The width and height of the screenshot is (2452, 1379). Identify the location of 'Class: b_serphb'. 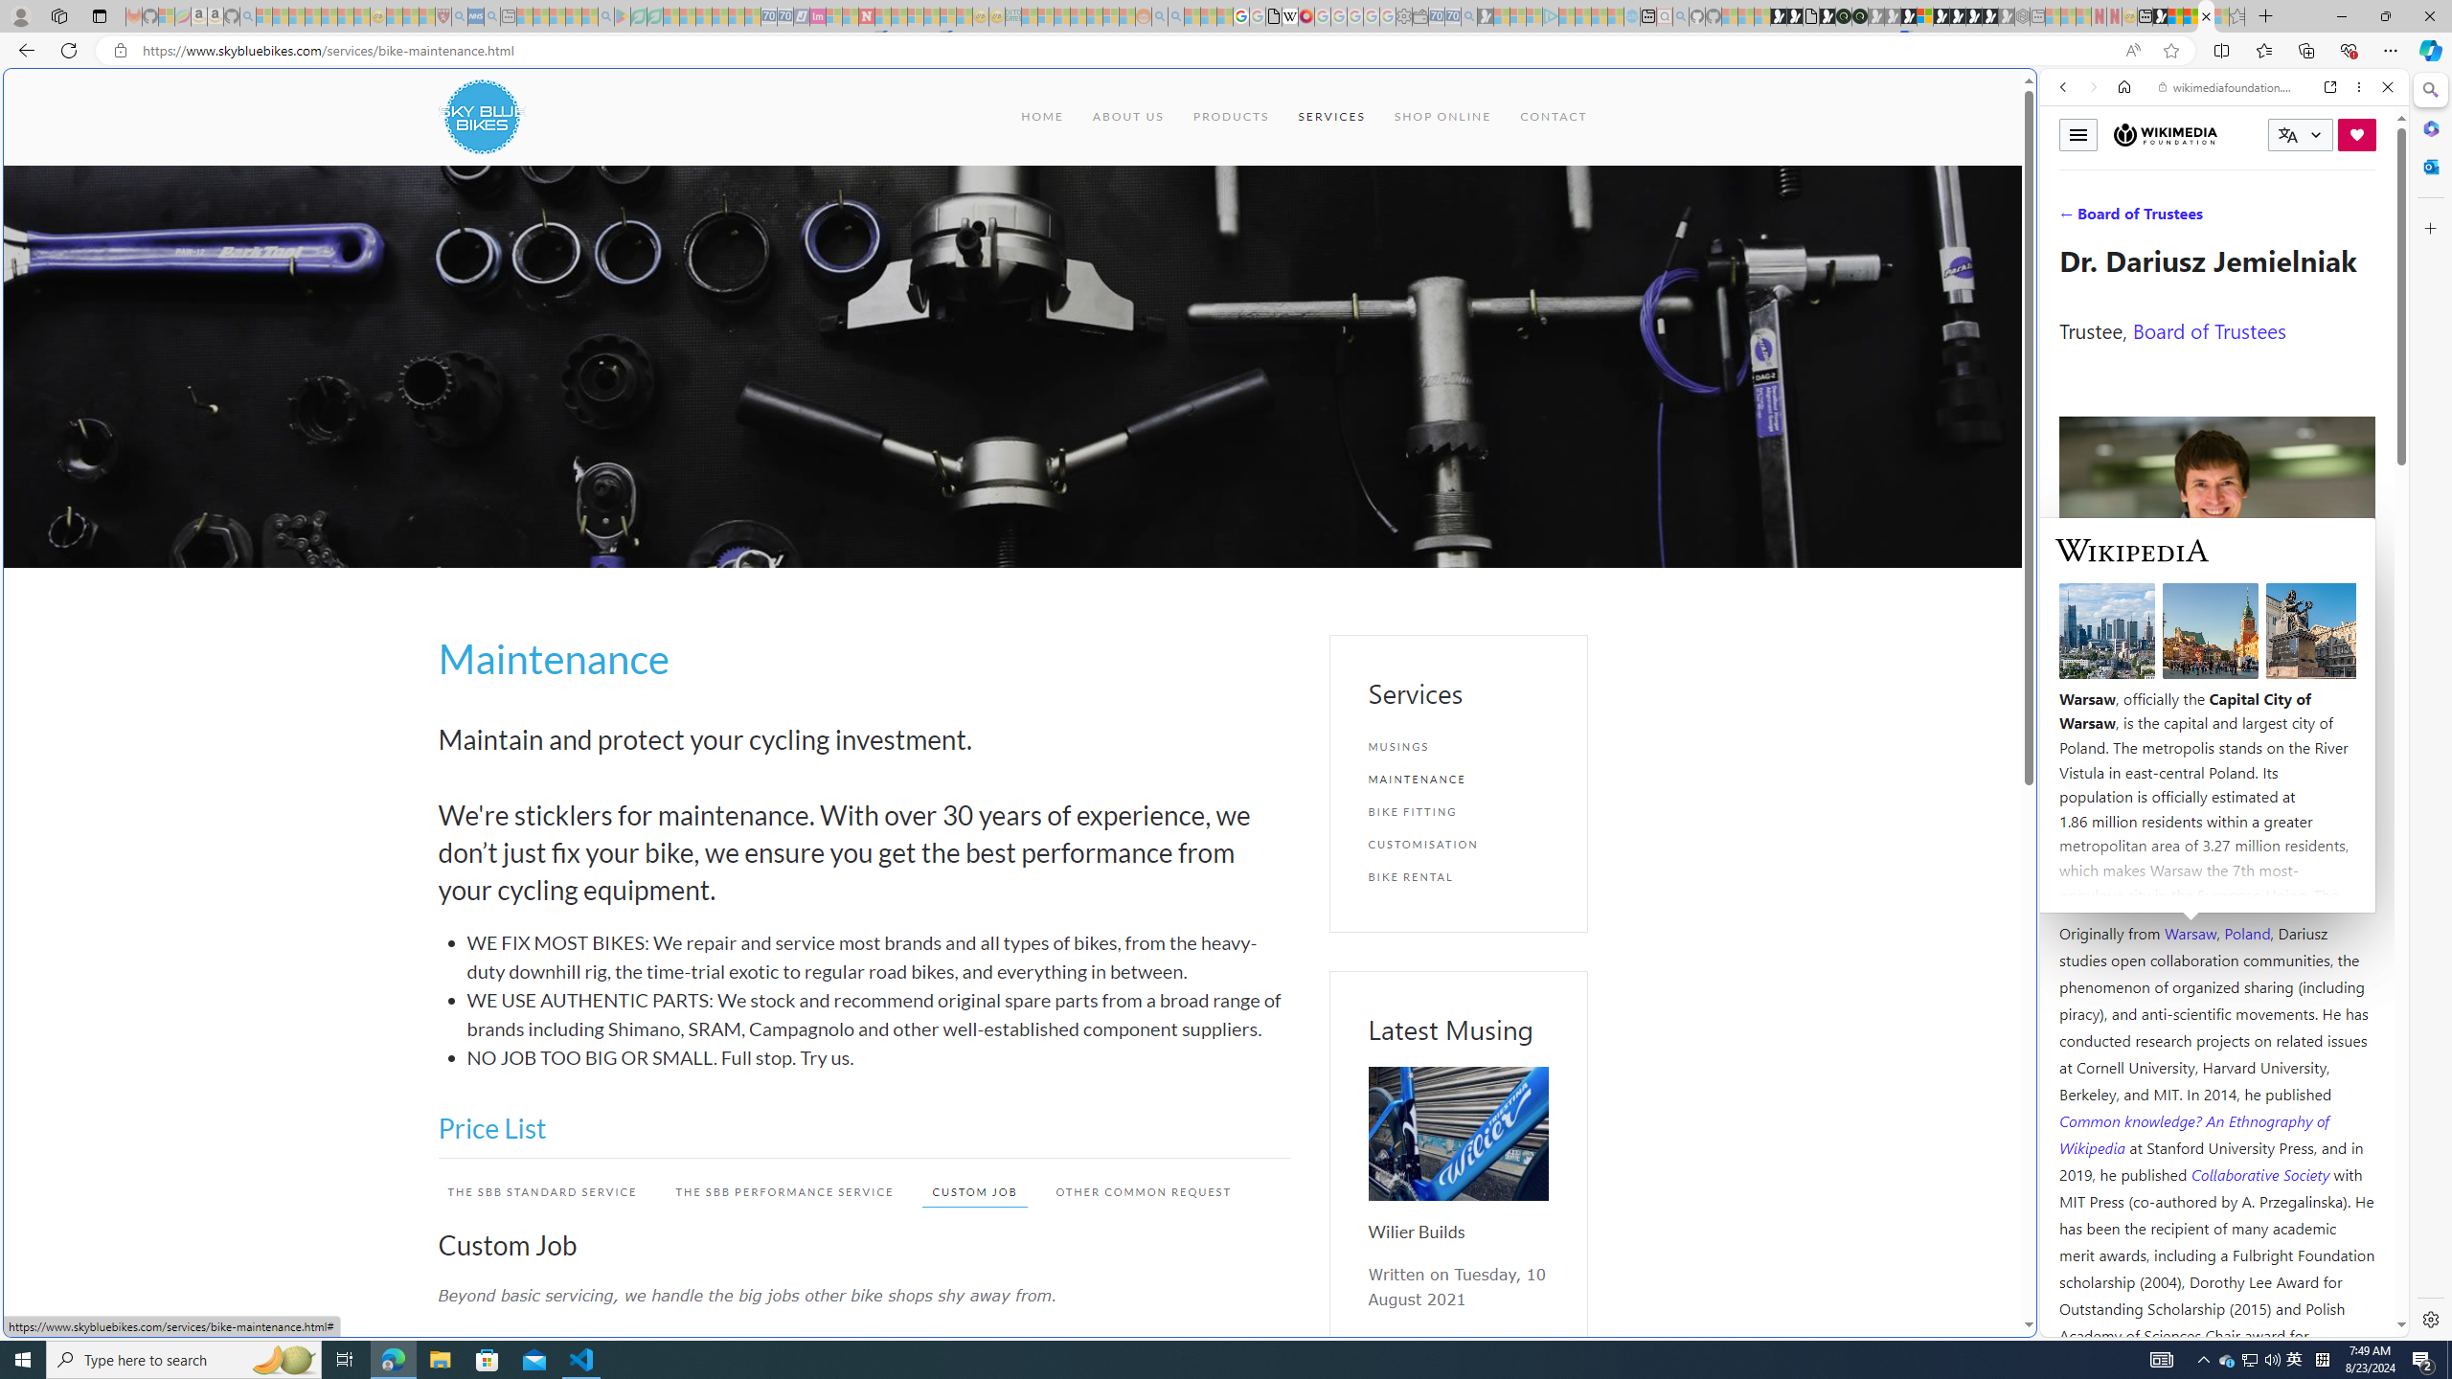
(2366, 219).